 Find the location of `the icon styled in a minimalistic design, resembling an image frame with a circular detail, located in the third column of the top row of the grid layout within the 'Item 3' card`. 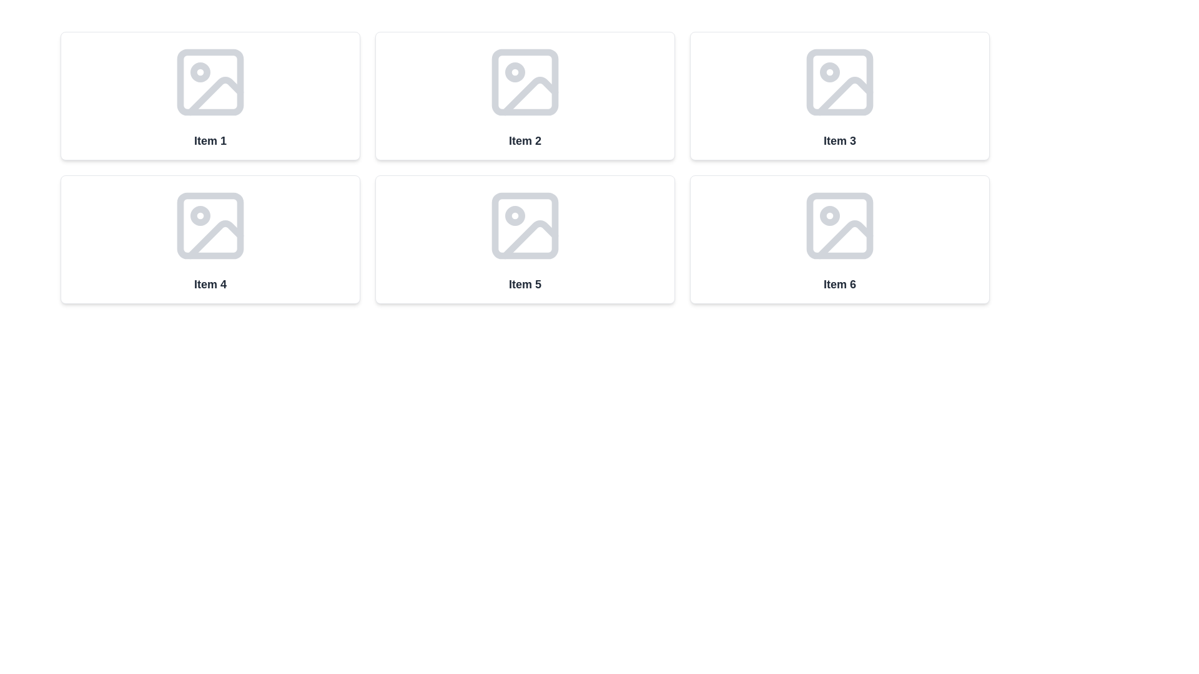

the icon styled in a minimalistic design, resembling an image frame with a circular detail, located in the third column of the top row of the grid layout within the 'Item 3' card is located at coordinates (839, 82).